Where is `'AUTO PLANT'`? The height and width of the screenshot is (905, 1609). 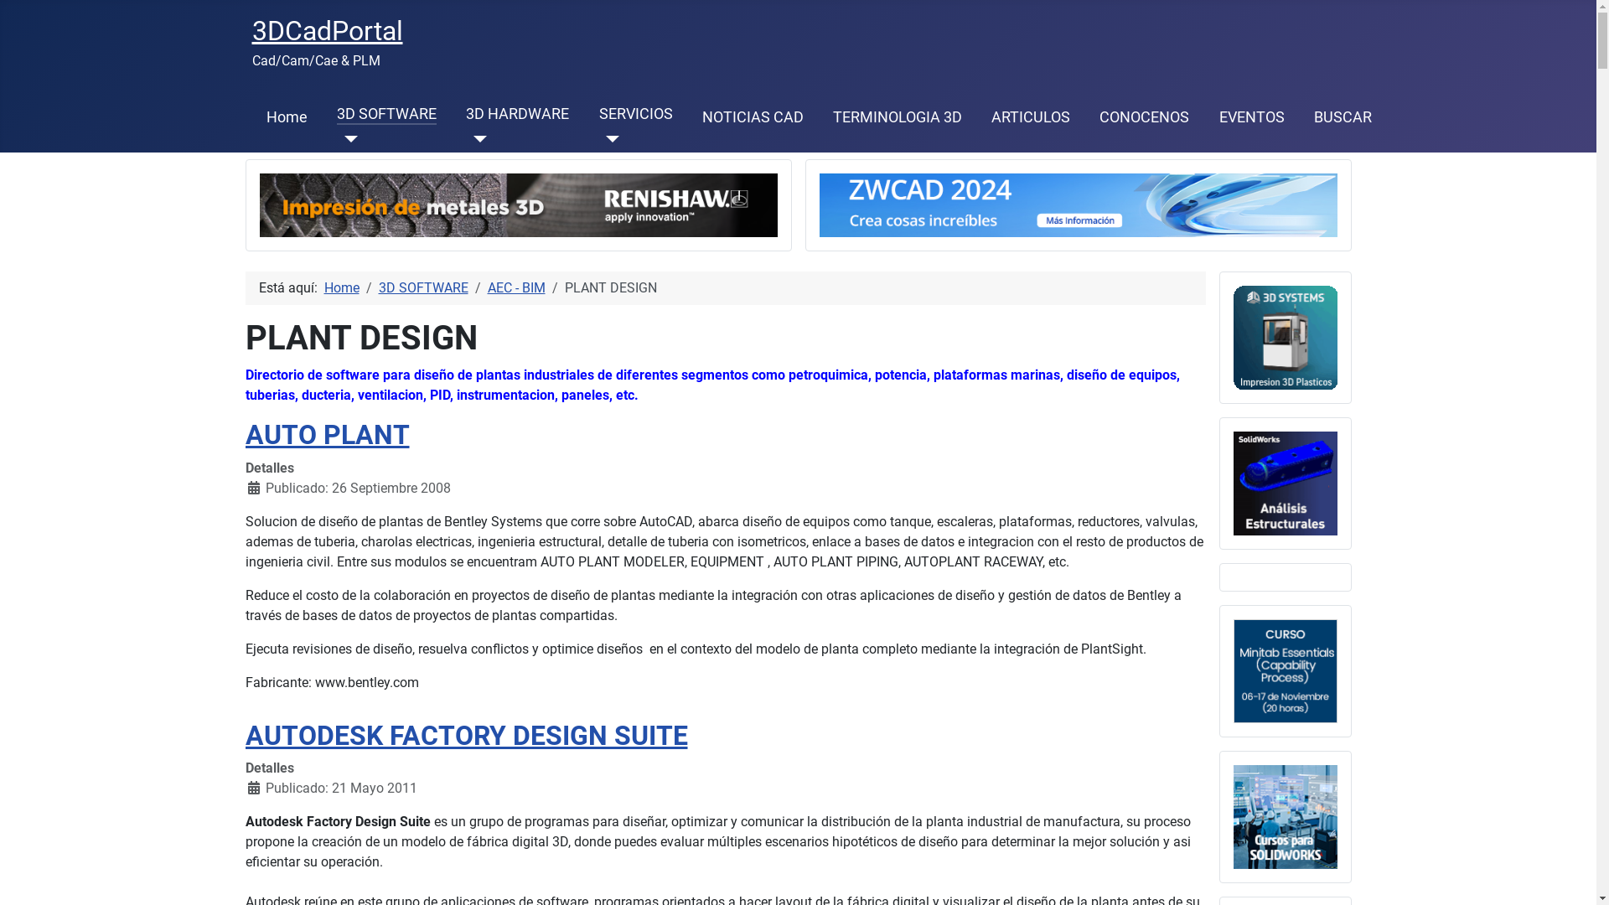
'AUTO PLANT' is located at coordinates (326, 434).